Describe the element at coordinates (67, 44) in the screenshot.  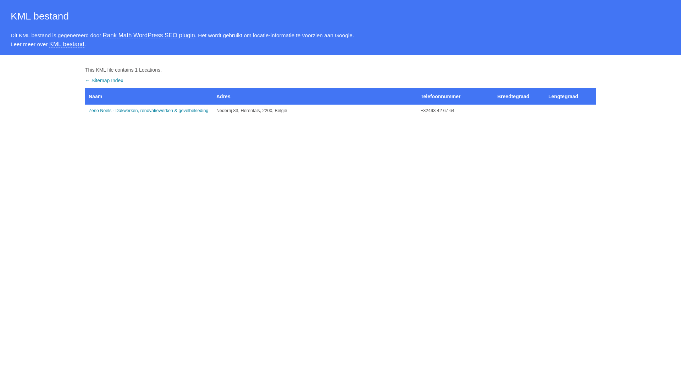
I see `'KML bestand'` at that location.